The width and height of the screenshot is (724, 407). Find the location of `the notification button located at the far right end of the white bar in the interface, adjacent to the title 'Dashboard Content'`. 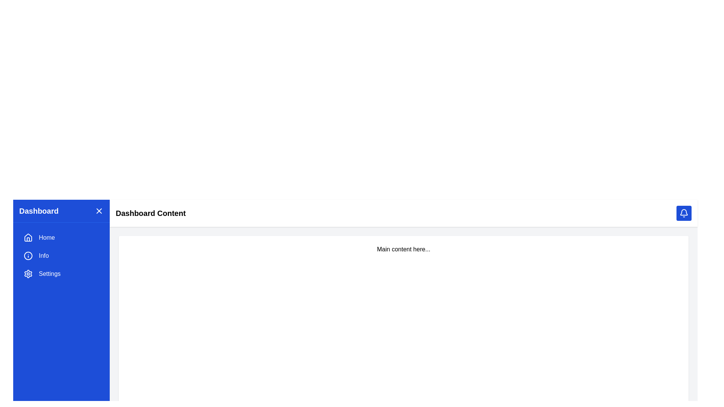

the notification button located at the far right end of the white bar in the interface, adjacent to the title 'Dashboard Content' is located at coordinates (684, 213).